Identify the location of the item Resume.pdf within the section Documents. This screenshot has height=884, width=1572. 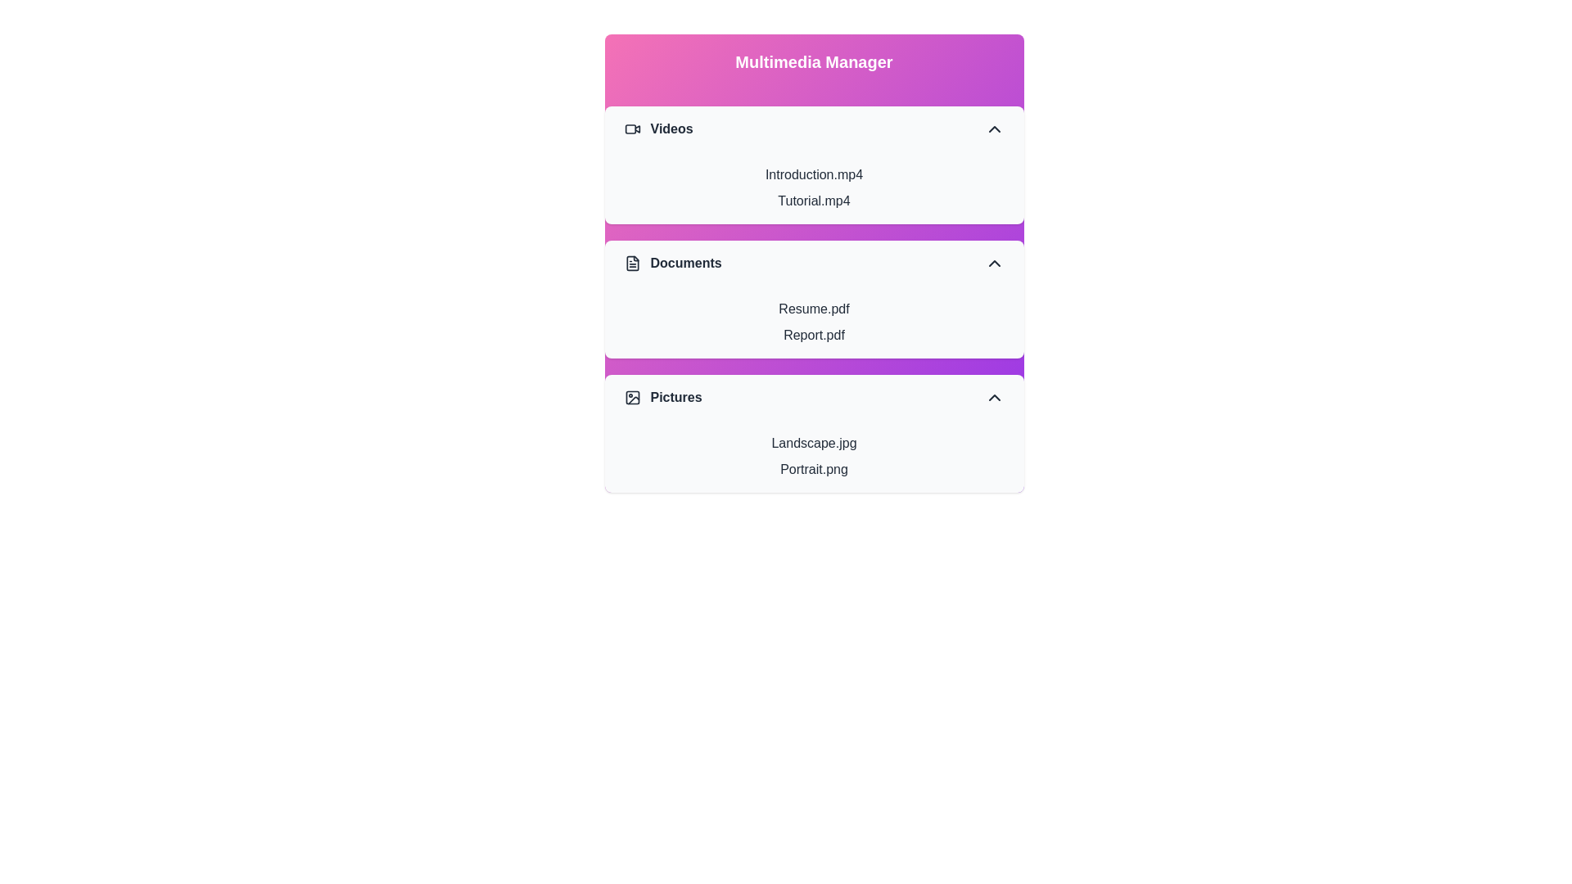
(814, 309).